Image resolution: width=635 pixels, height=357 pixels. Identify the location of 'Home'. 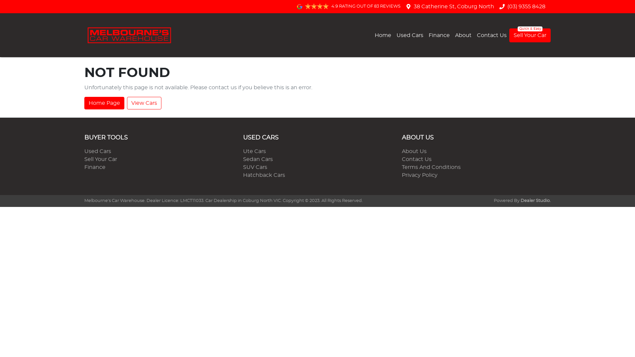
(383, 35).